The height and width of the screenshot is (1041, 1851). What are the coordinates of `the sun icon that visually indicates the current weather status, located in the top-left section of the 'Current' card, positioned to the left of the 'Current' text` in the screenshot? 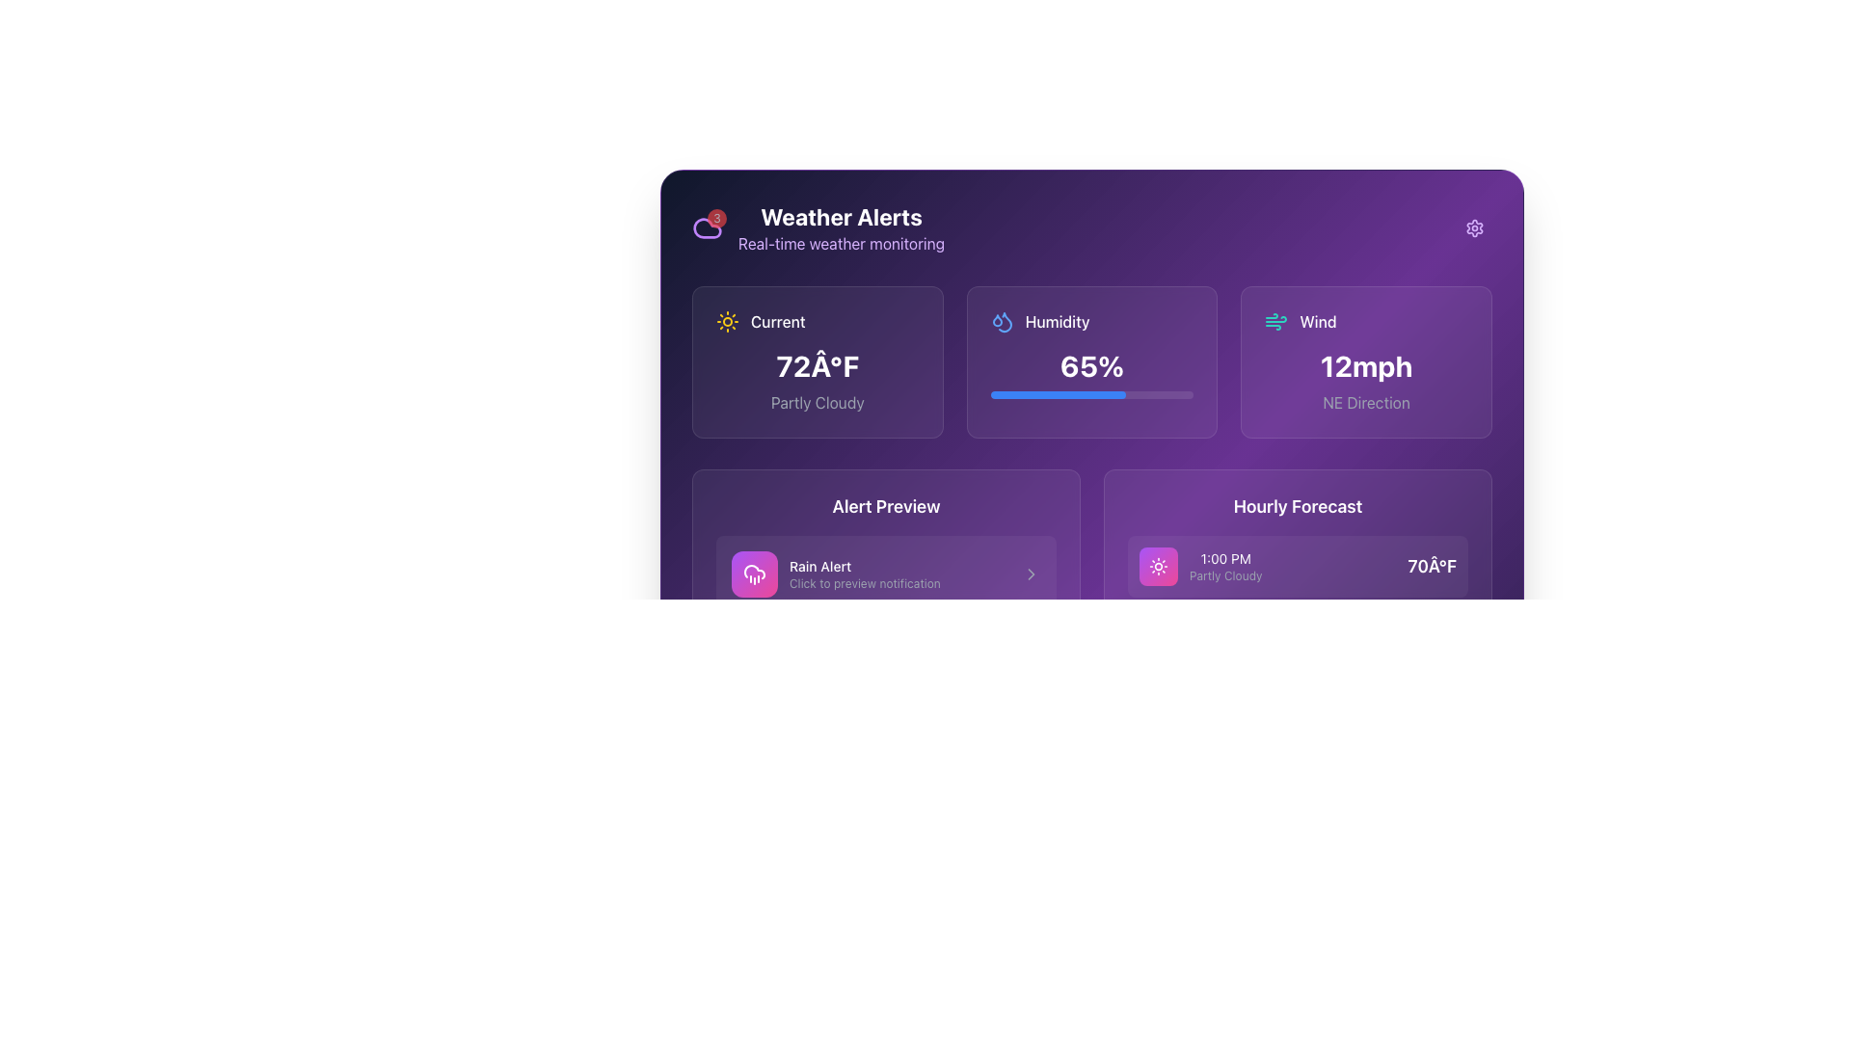 It's located at (726, 321).